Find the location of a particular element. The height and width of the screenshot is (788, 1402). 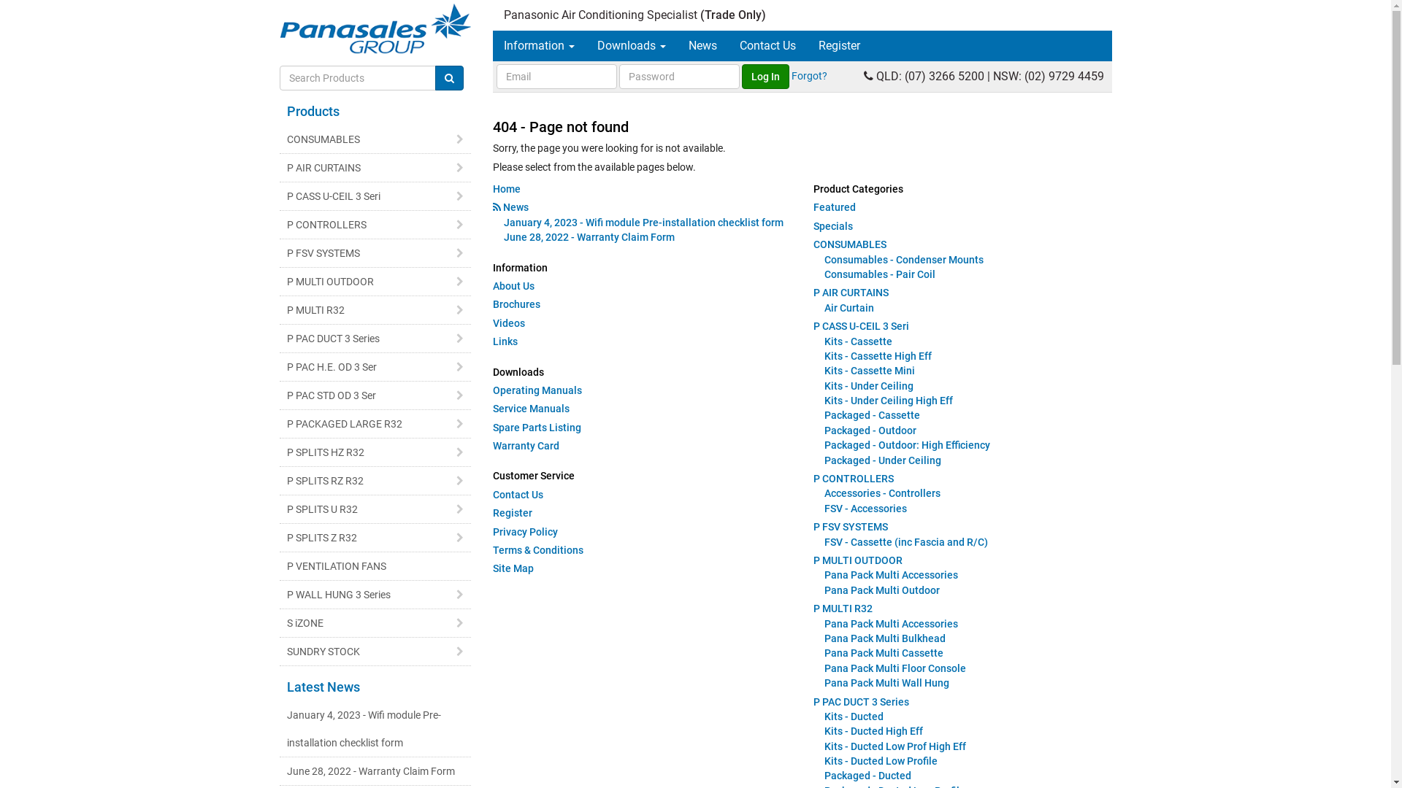

'About Us' is located at coordinates (513, 286).